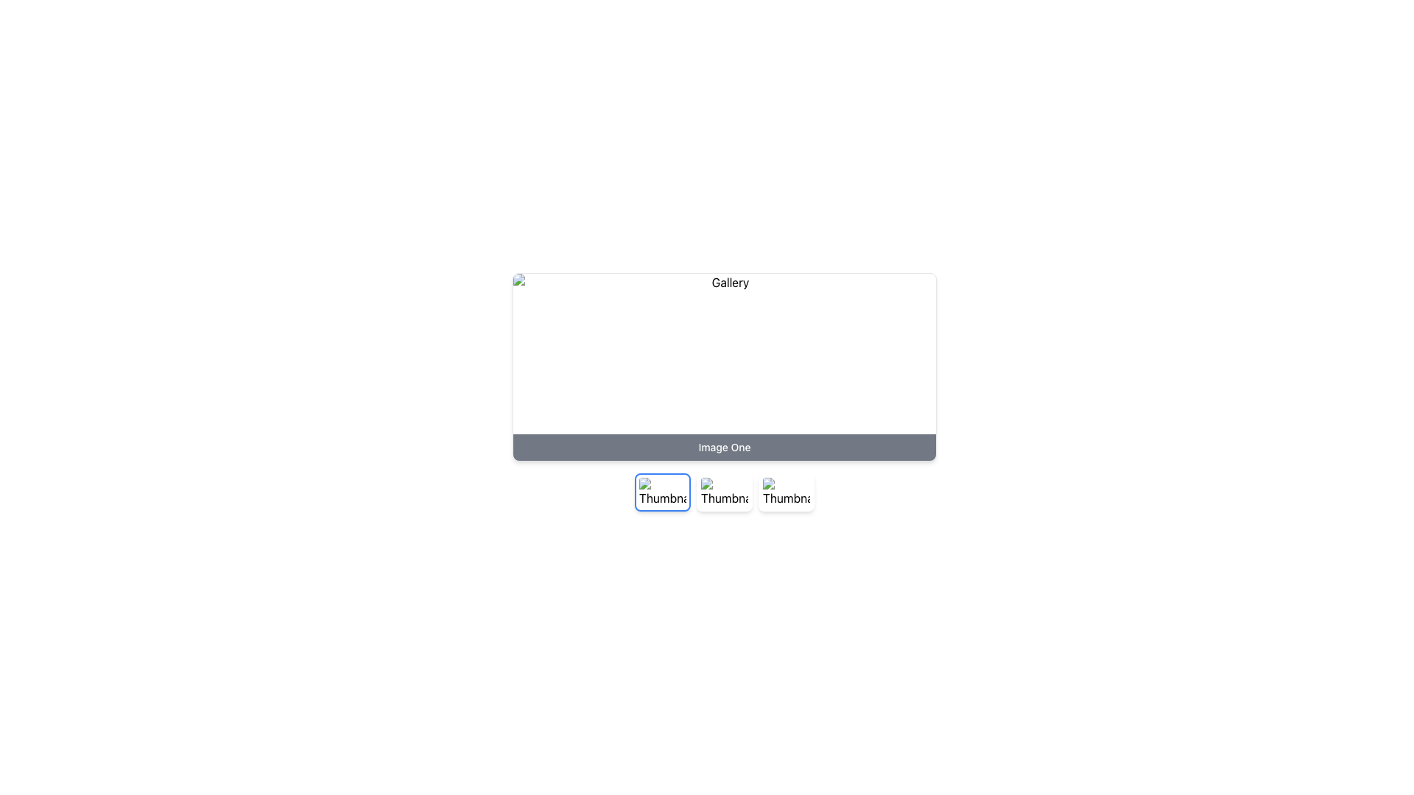  Describe the element at coordinates (724, 492) in the screenshot. I see `the thumbnail preview for 'Image 2', which is the second thumbnail in a row of similar thumbnails under the main image area titled 'Image One'` at that location.